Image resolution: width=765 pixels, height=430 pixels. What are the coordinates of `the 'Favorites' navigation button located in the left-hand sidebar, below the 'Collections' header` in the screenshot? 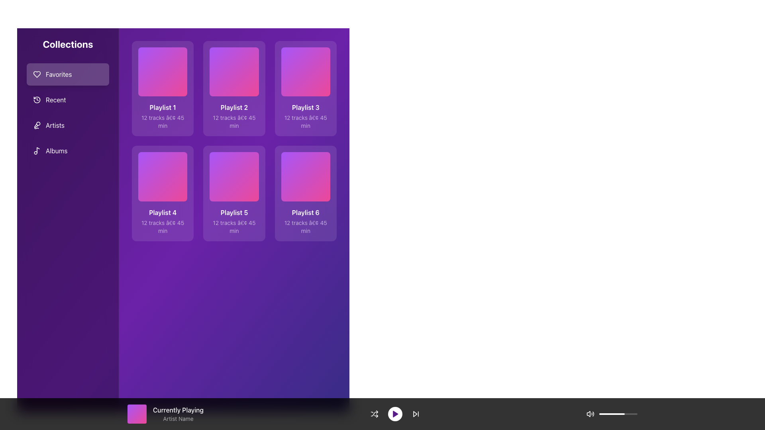 It's located at (68, 74).